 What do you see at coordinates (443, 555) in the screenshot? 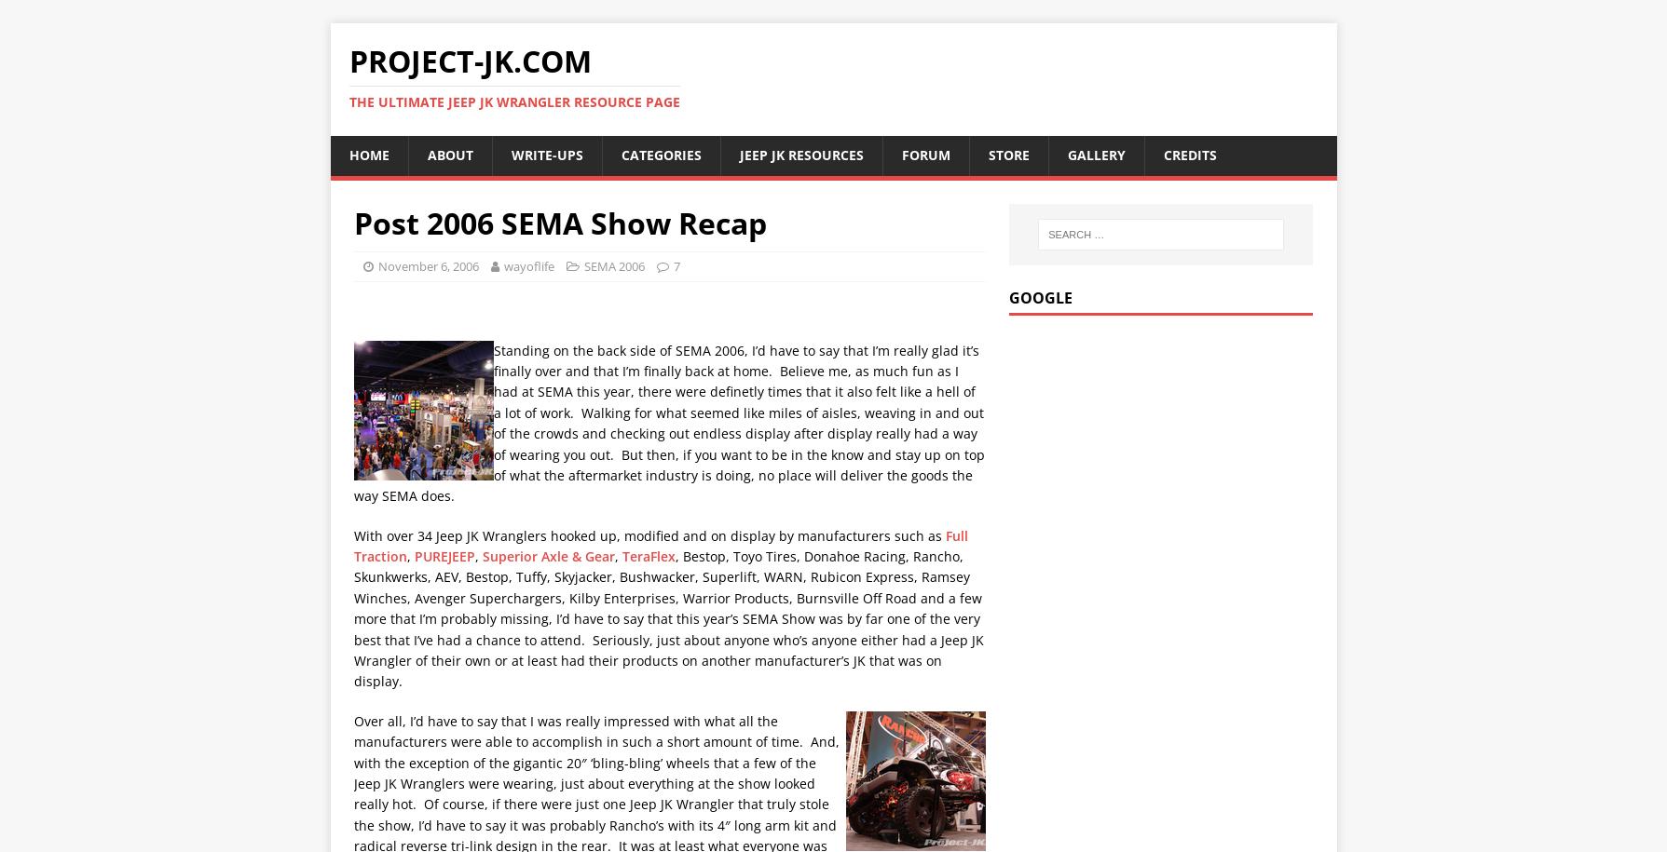
I see `'PUREJEEP'` at bounding box center [443, 555].